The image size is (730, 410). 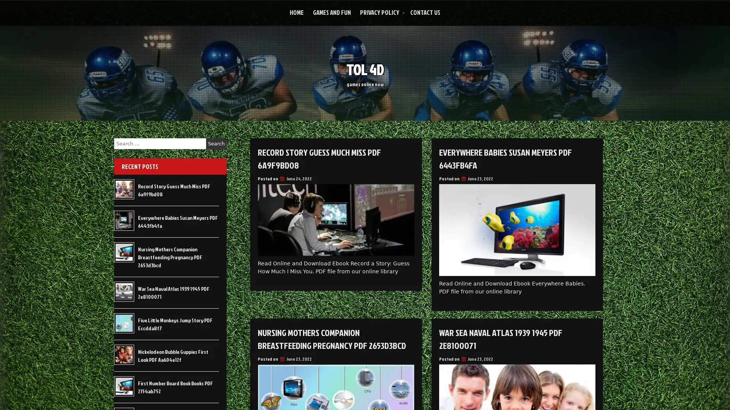 I want to click on Search, so click(x=216, y=143).